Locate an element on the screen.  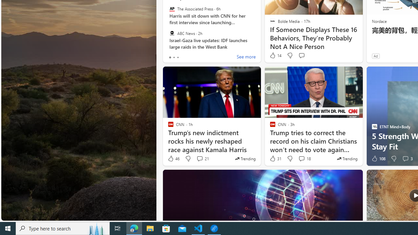
'This story is trending' is located at coordinates (347, 159).